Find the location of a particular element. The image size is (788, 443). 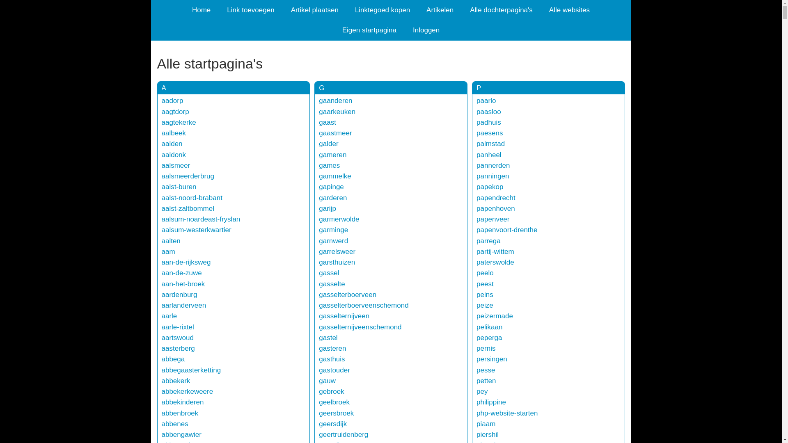

'garmerwolde' is located at coordinates (339, 219).